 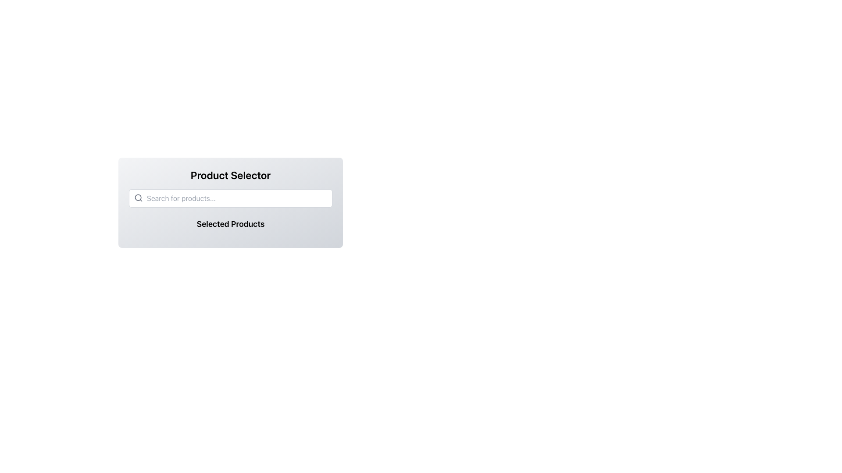 What do you see at coordinates (138, 198) in the screenshot?
I see `the circular component of the magnifying glass icon, which is the decorative part of the search icon located to the left of the text entry box in the search bar` at bounding box center [138, 198].